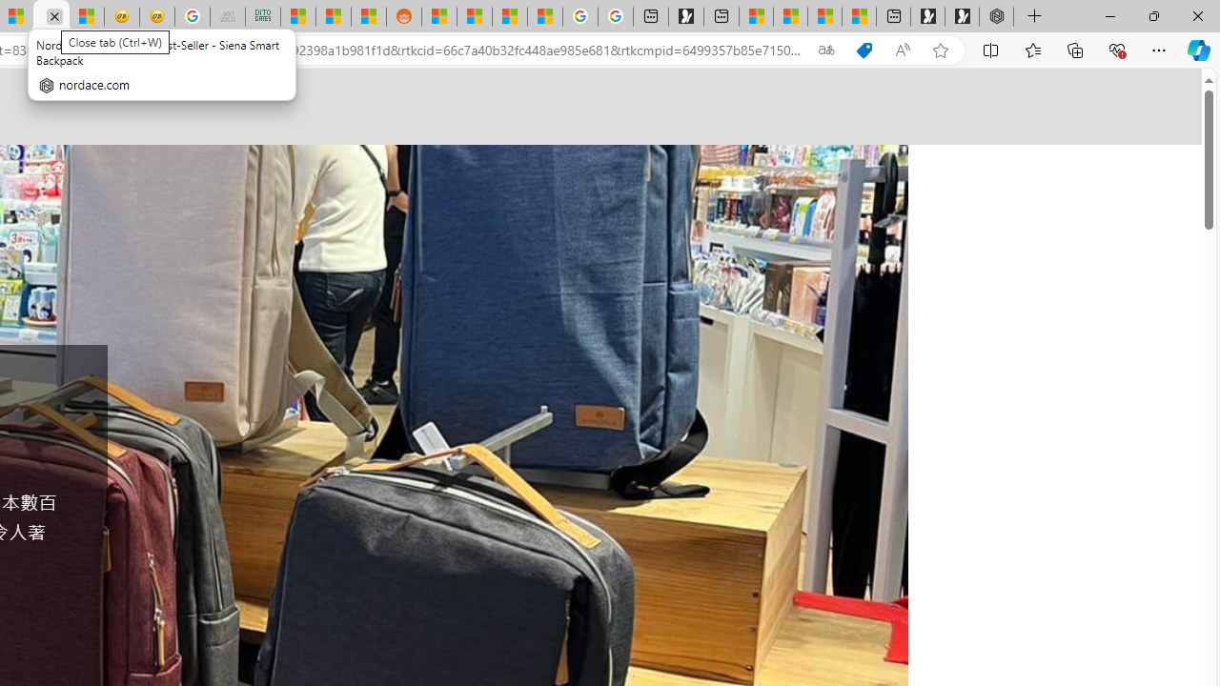 Image resolution: width=1220 pixels, height=686 pixels. I want to click on 'New tab', so click(892, 16).